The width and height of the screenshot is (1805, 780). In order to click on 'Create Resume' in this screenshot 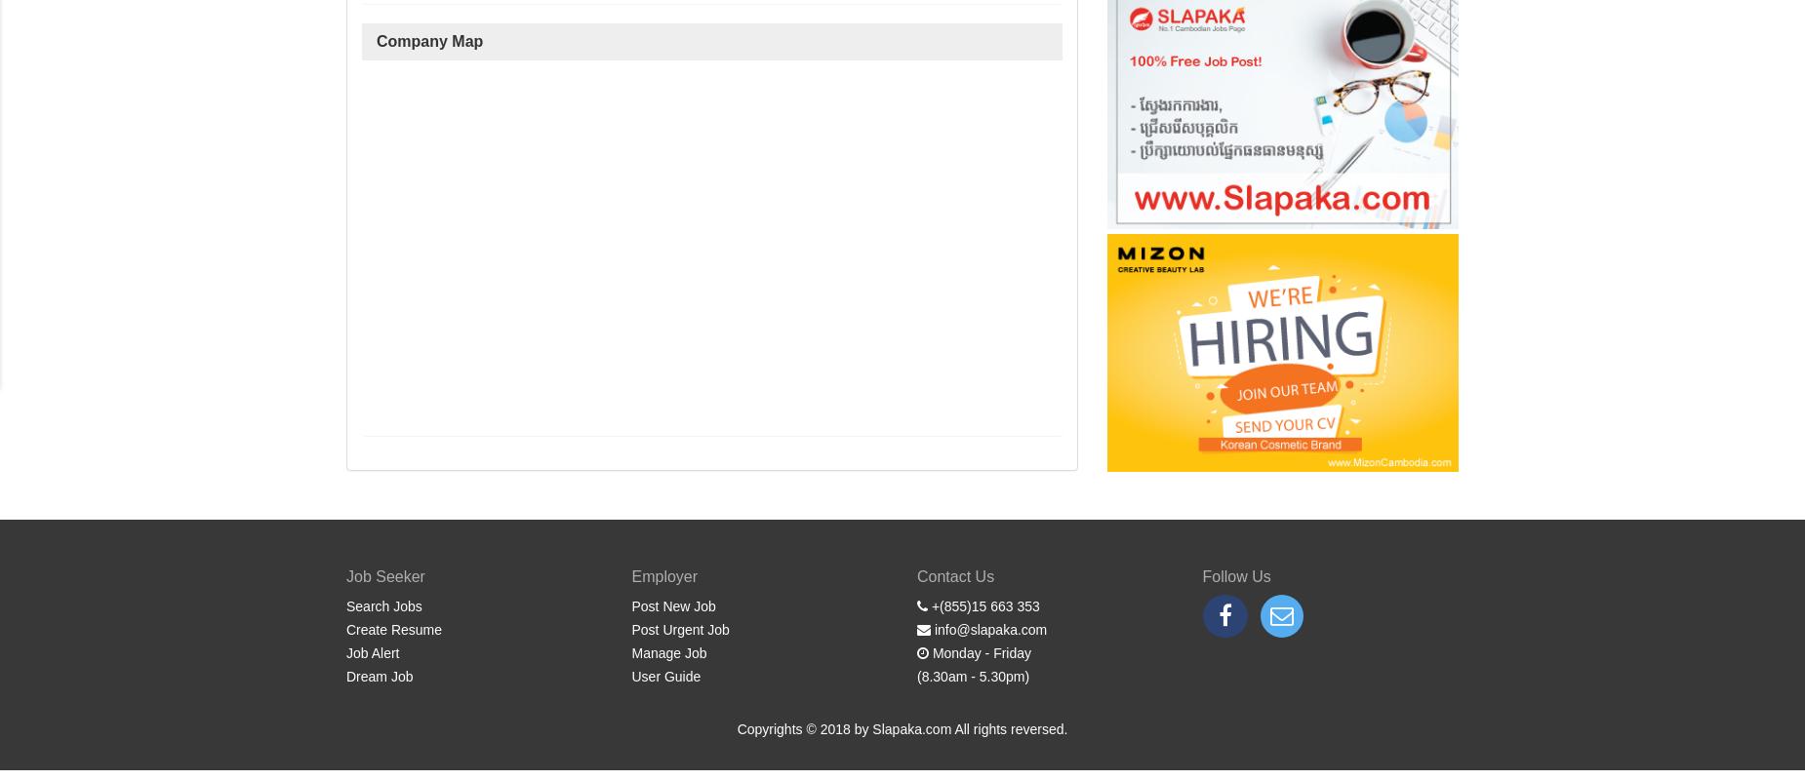, I will do `click(393, 629)`.